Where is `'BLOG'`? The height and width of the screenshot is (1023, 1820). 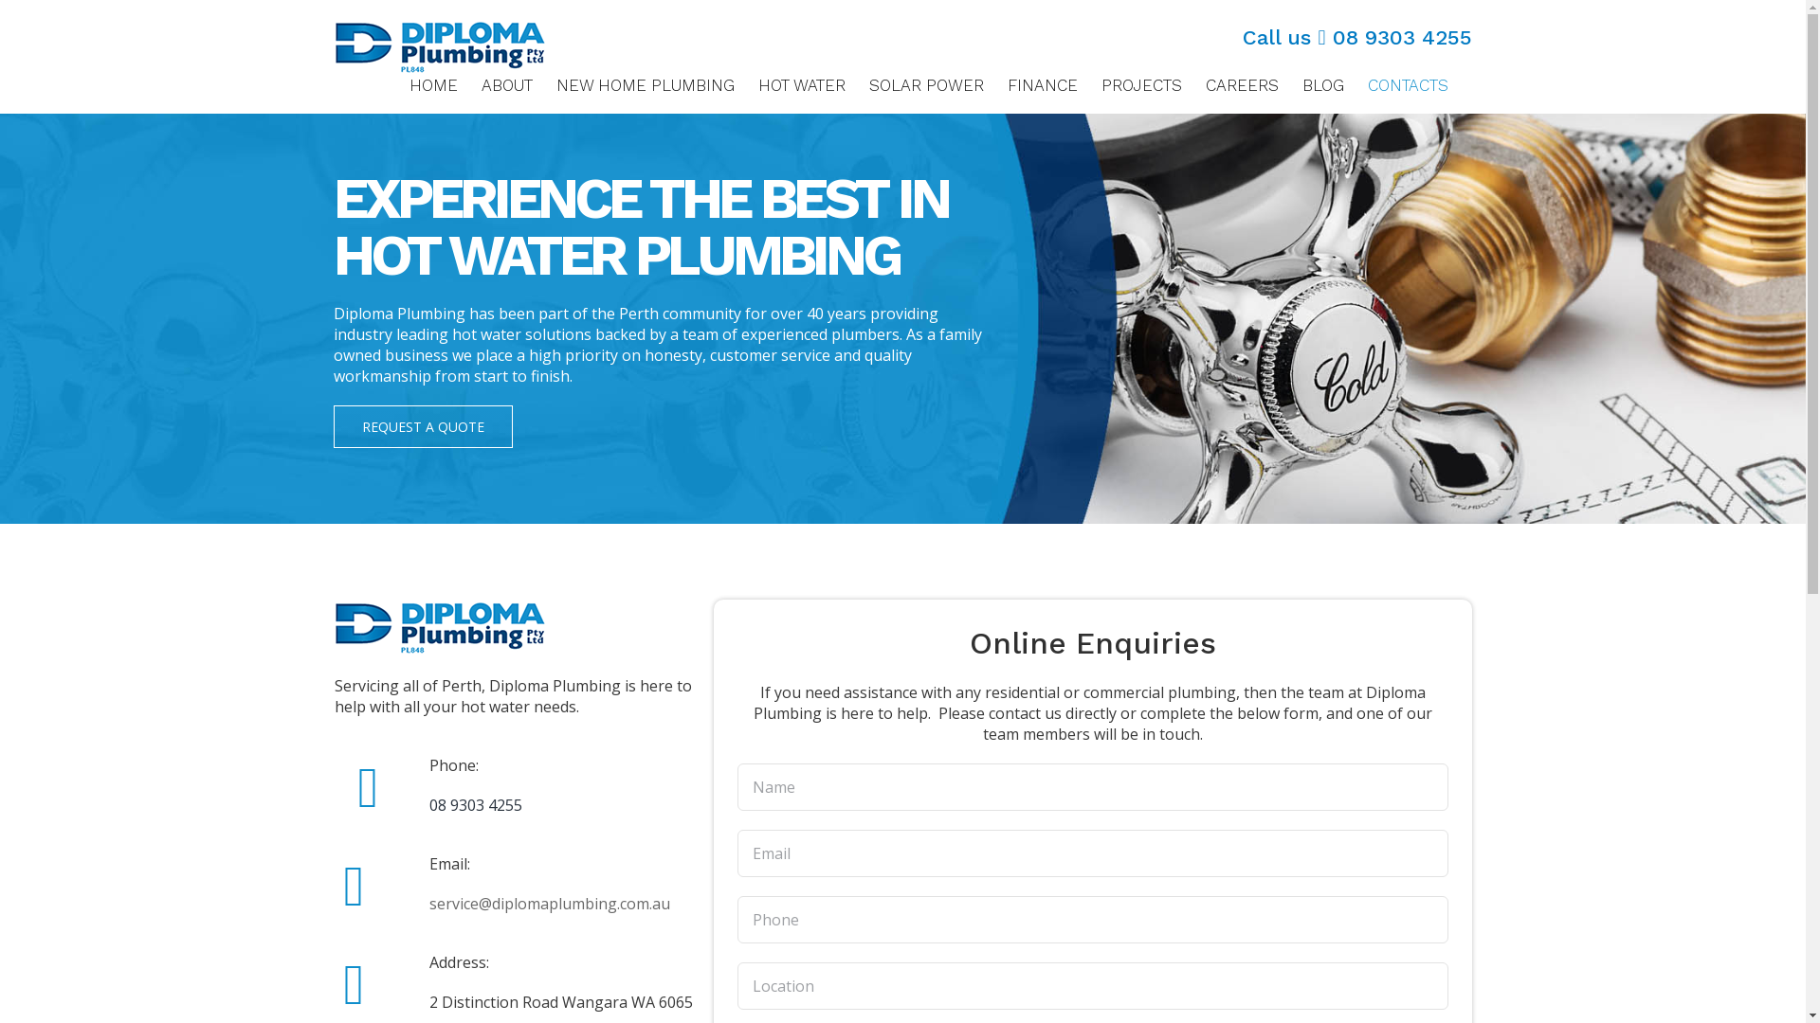
'BLOG' is located at coordinates (1322, 83).